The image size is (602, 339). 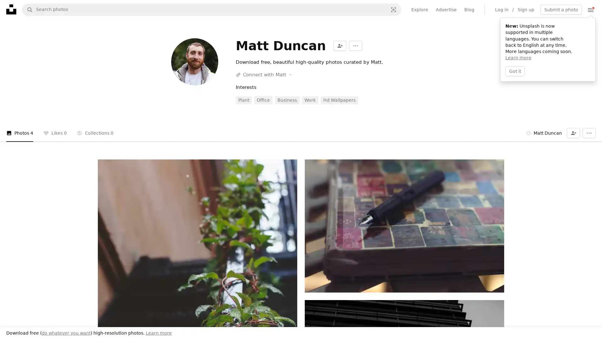 What do you see at coordinates (515, 71) in the screenshot?
I see `Got it` at bounding box center [515, 71].